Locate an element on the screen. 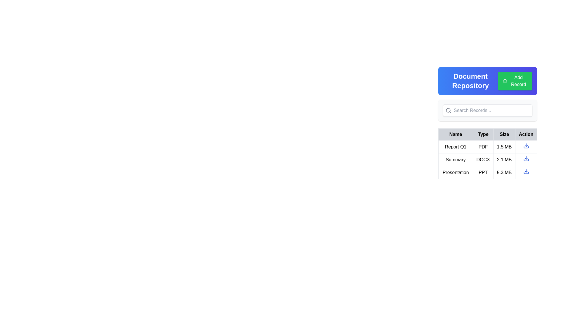 This screenshot has width=561, height=315. the blue download icon button in the last column of the second row under the 'Action' header corresponding to 'Summary DOCX 2.1 MB' is located at coordinates (526, 160).